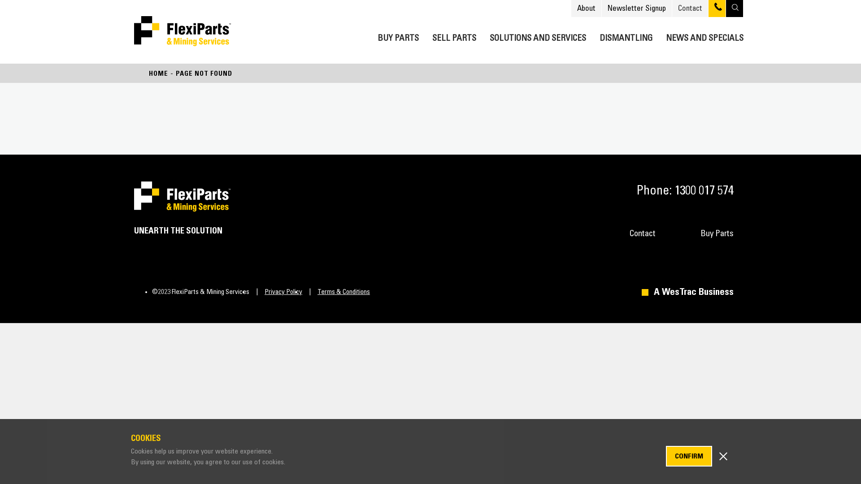  What do you see at coordinates (335, 292) in the screenshot?
I see `'Terms & Conditions'` at bounding box center [335, 292].